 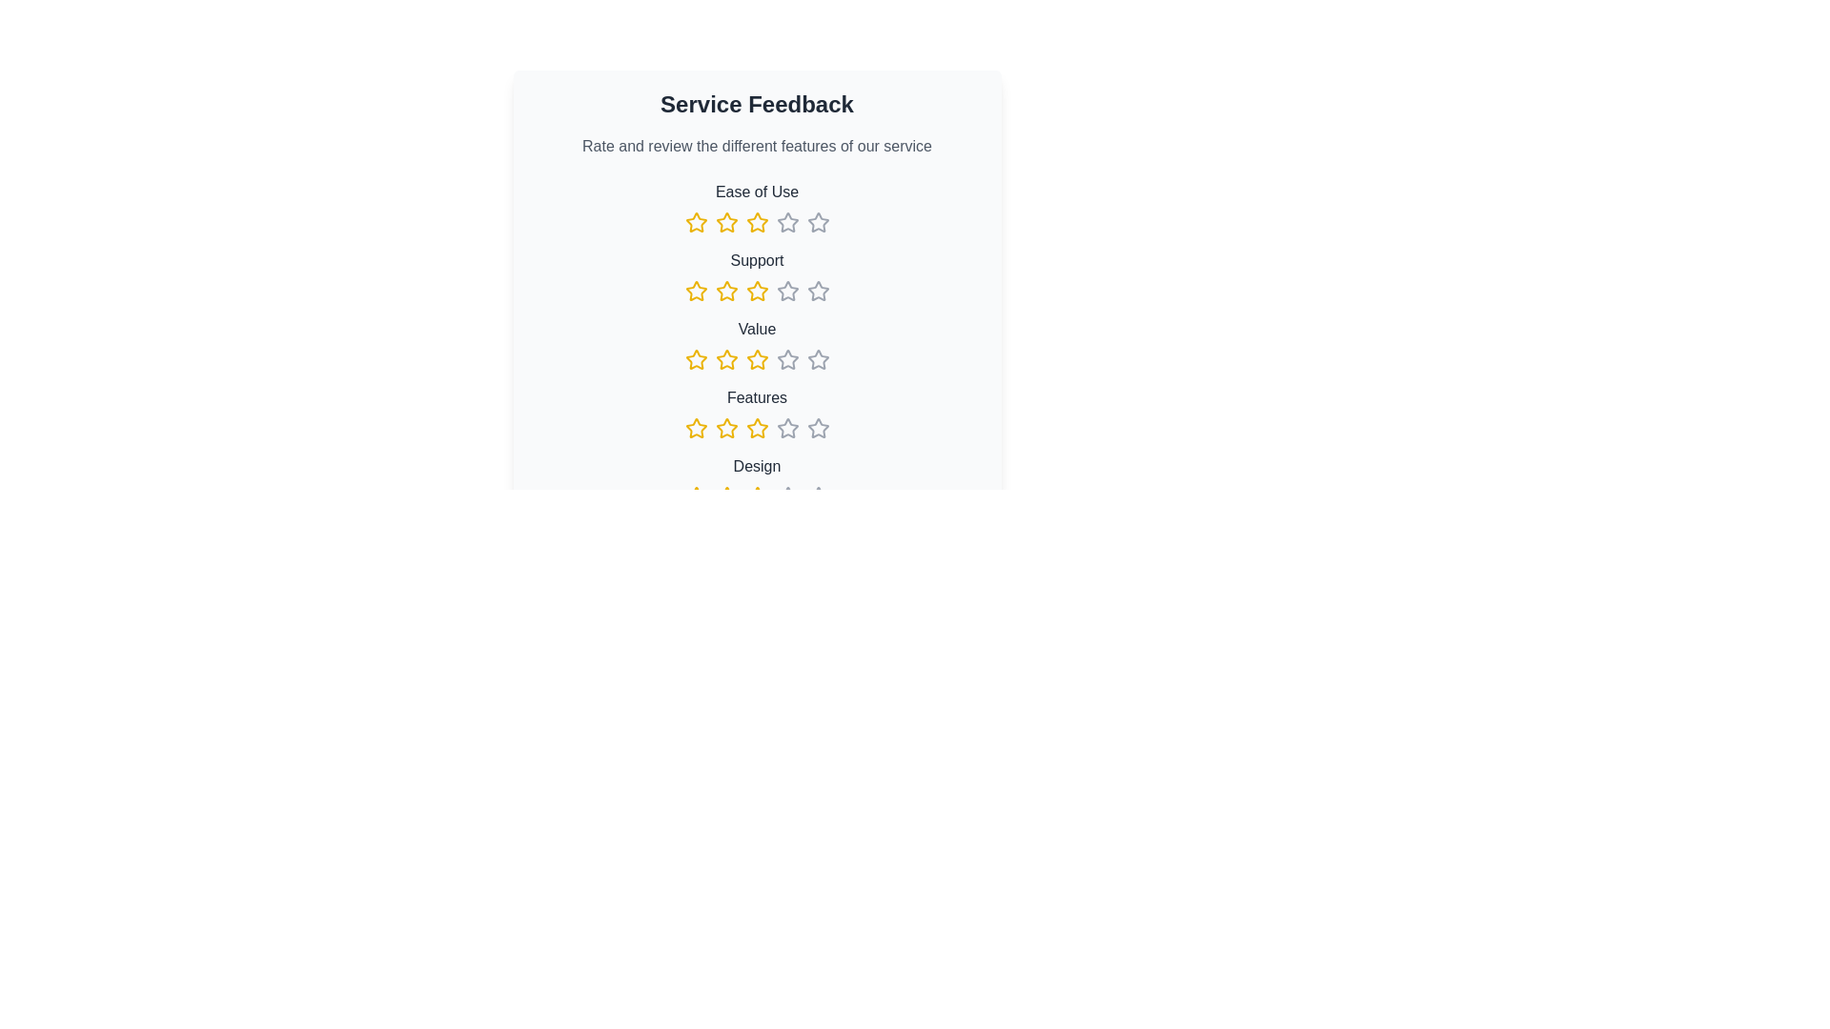 What do you see at coordinates (756, 291) in the screenshot?
I see `the fourth star in the 'Support' rating row` at bounding box center [756, 291].